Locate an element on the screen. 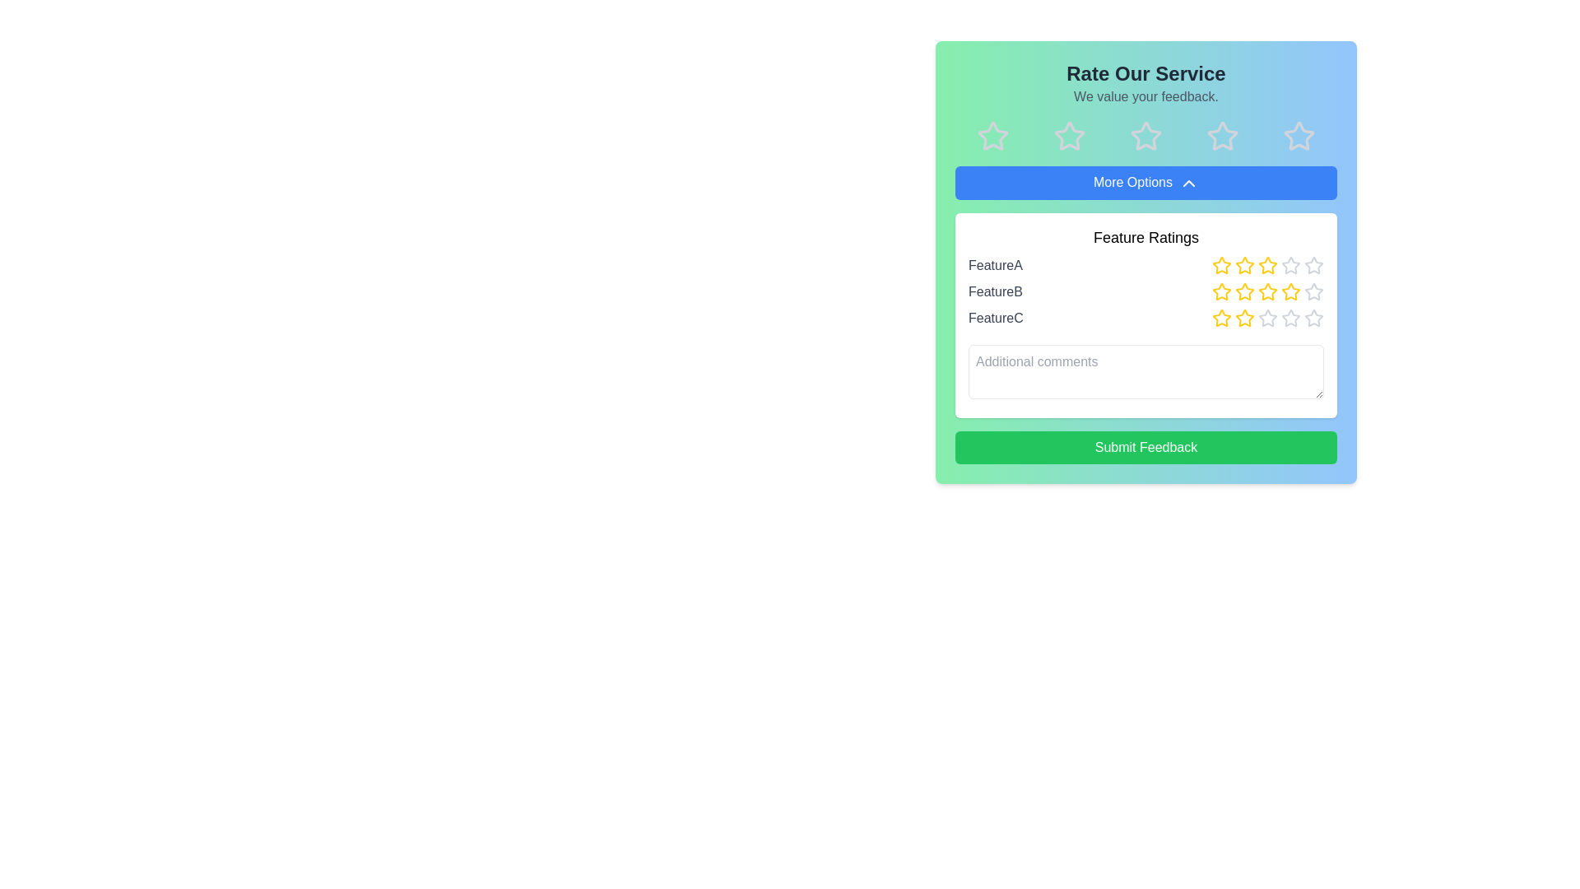 This screenshot has width=1580, height=889. the chevron-up icon styled in white color located on the blue button labeled 'More Options' is located at coordinates (1188, 183).